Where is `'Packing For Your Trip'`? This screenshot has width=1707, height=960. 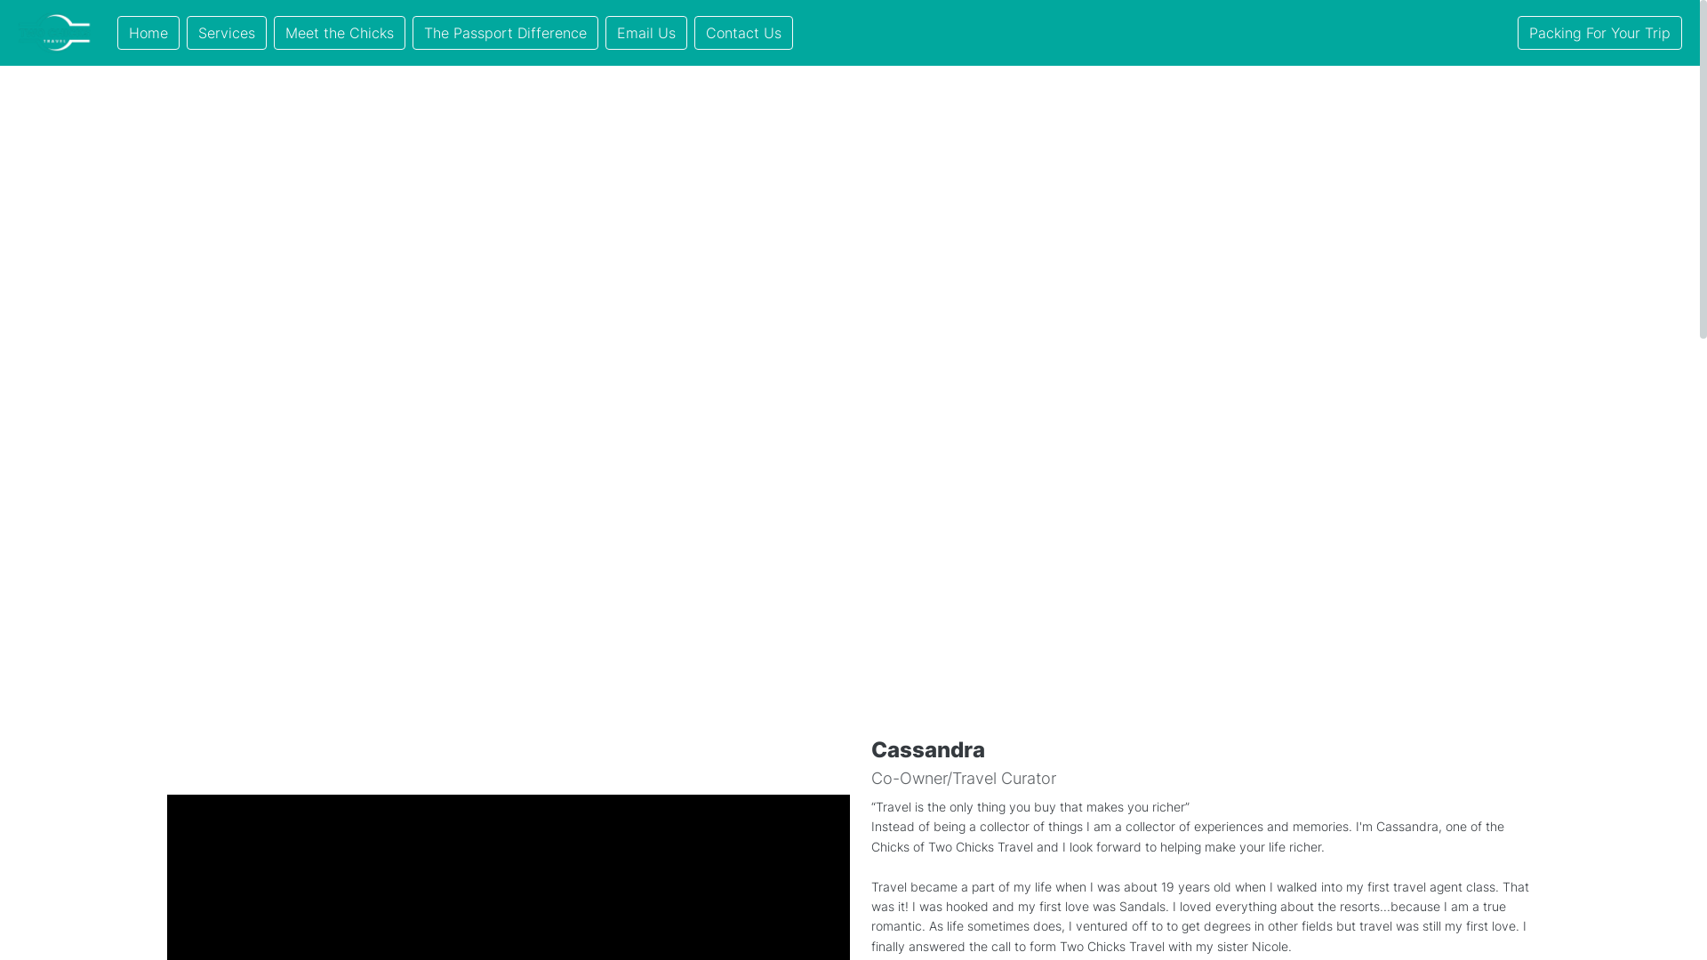 'Packing For Your Trip' is located at coordinates (1599, 33).